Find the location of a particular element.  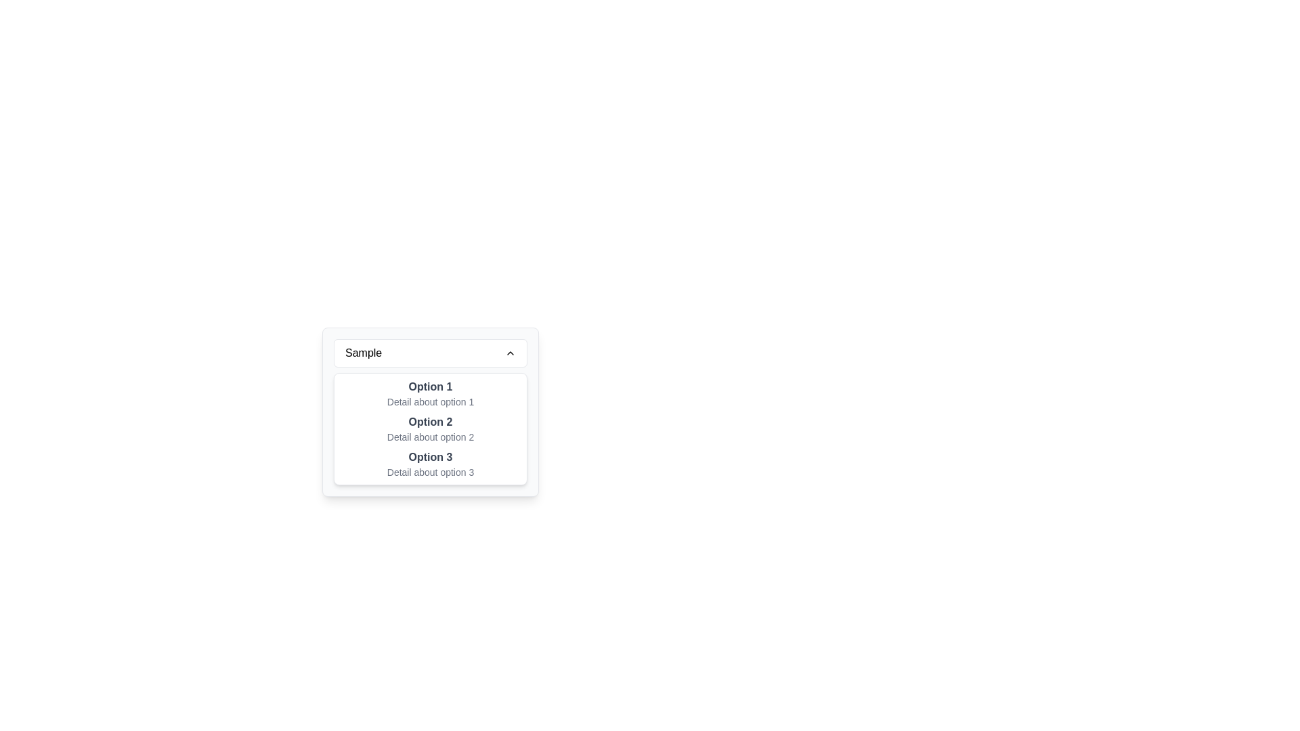

the text element that contains 'Detail about option 3', which is styled in a smaller gray font and positioned beneath 'Option 3' in the dropdown list is located at coordinates (429, 472).